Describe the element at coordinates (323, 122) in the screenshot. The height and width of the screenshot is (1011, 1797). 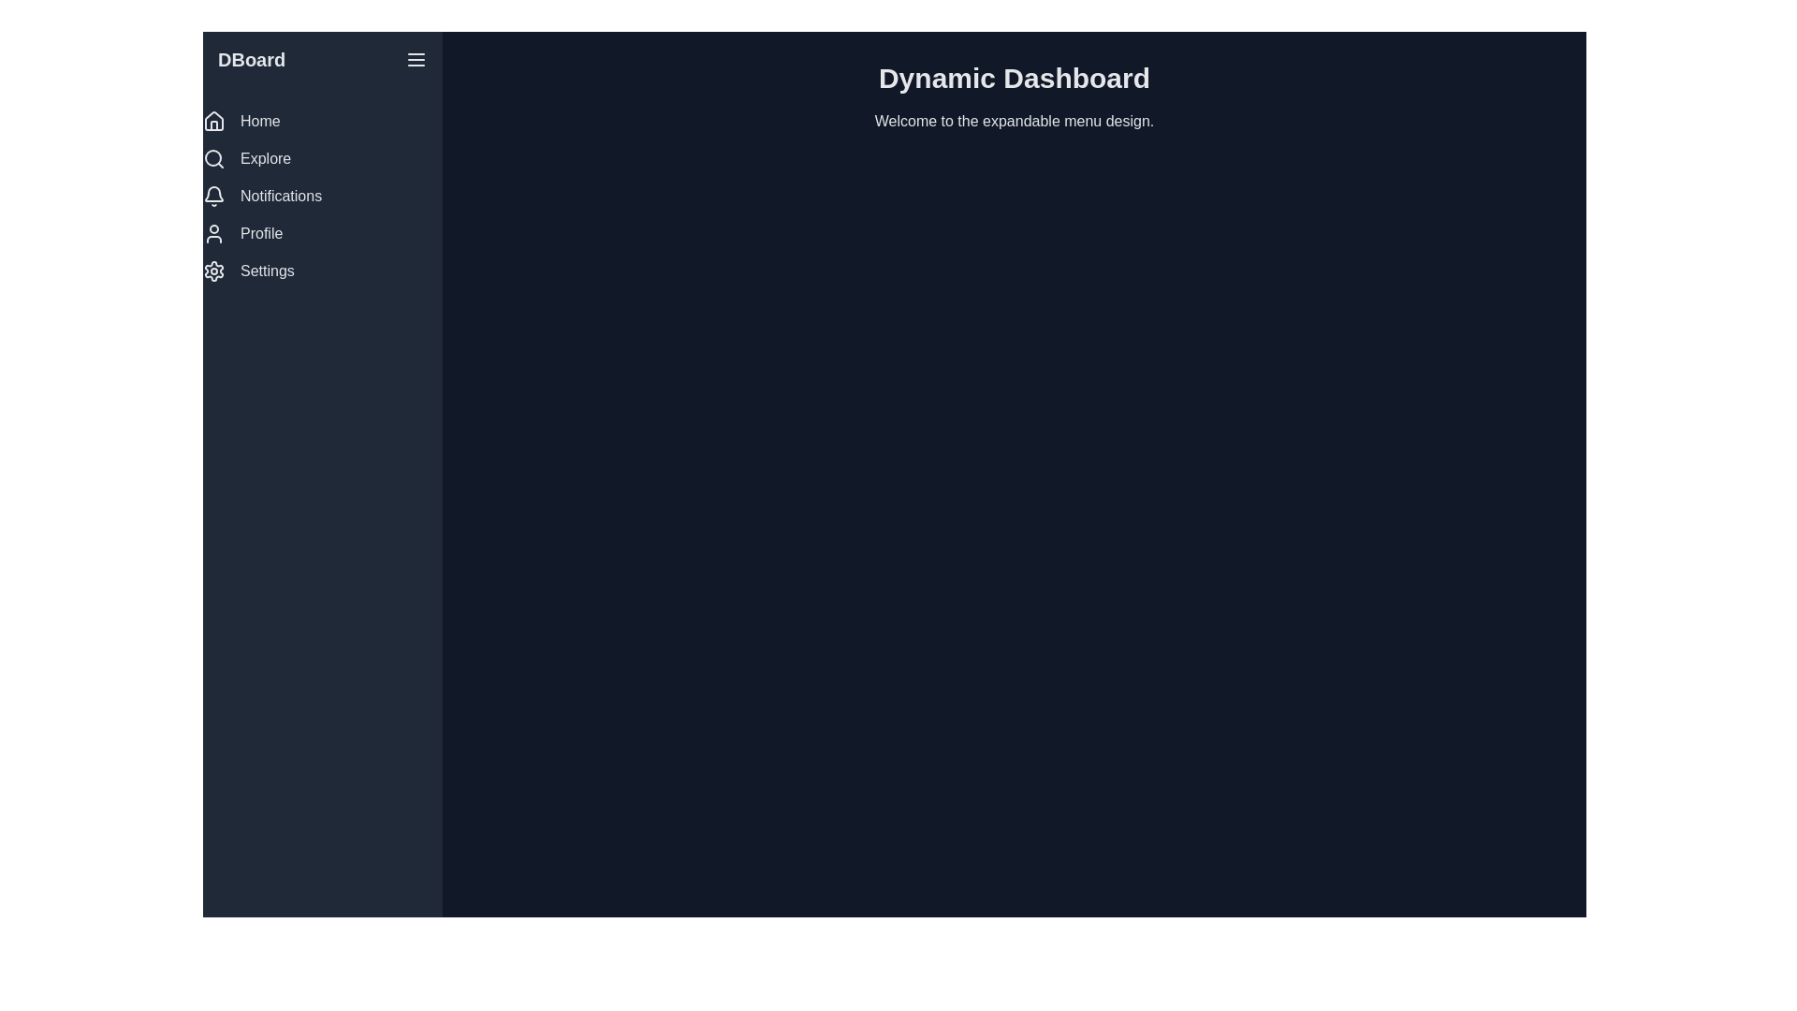
I see `the Navigation Link located at the top of the sidebar, which redirects the user to the homepage or main dashboard` at that location.